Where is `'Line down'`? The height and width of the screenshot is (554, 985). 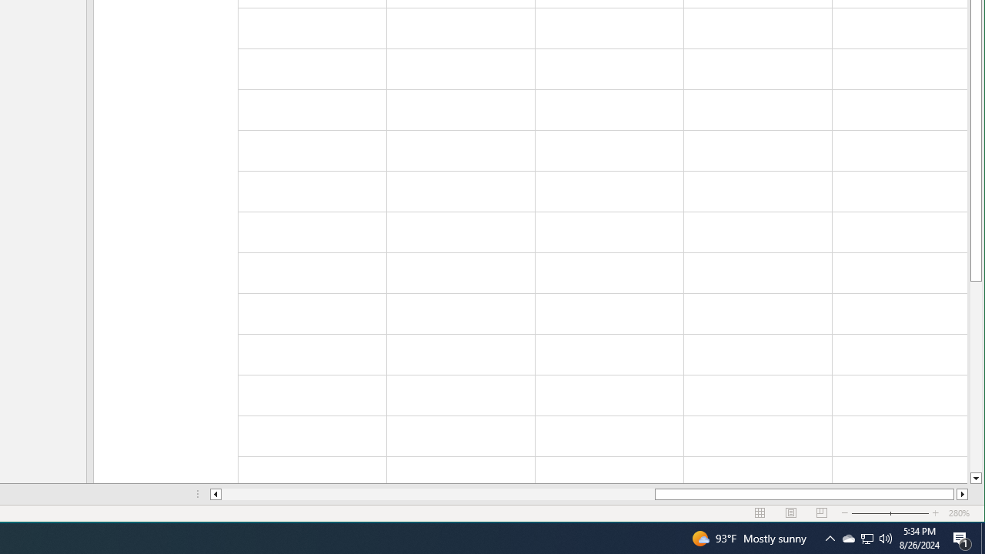
'Line down' is located at coordinates (975, 478).